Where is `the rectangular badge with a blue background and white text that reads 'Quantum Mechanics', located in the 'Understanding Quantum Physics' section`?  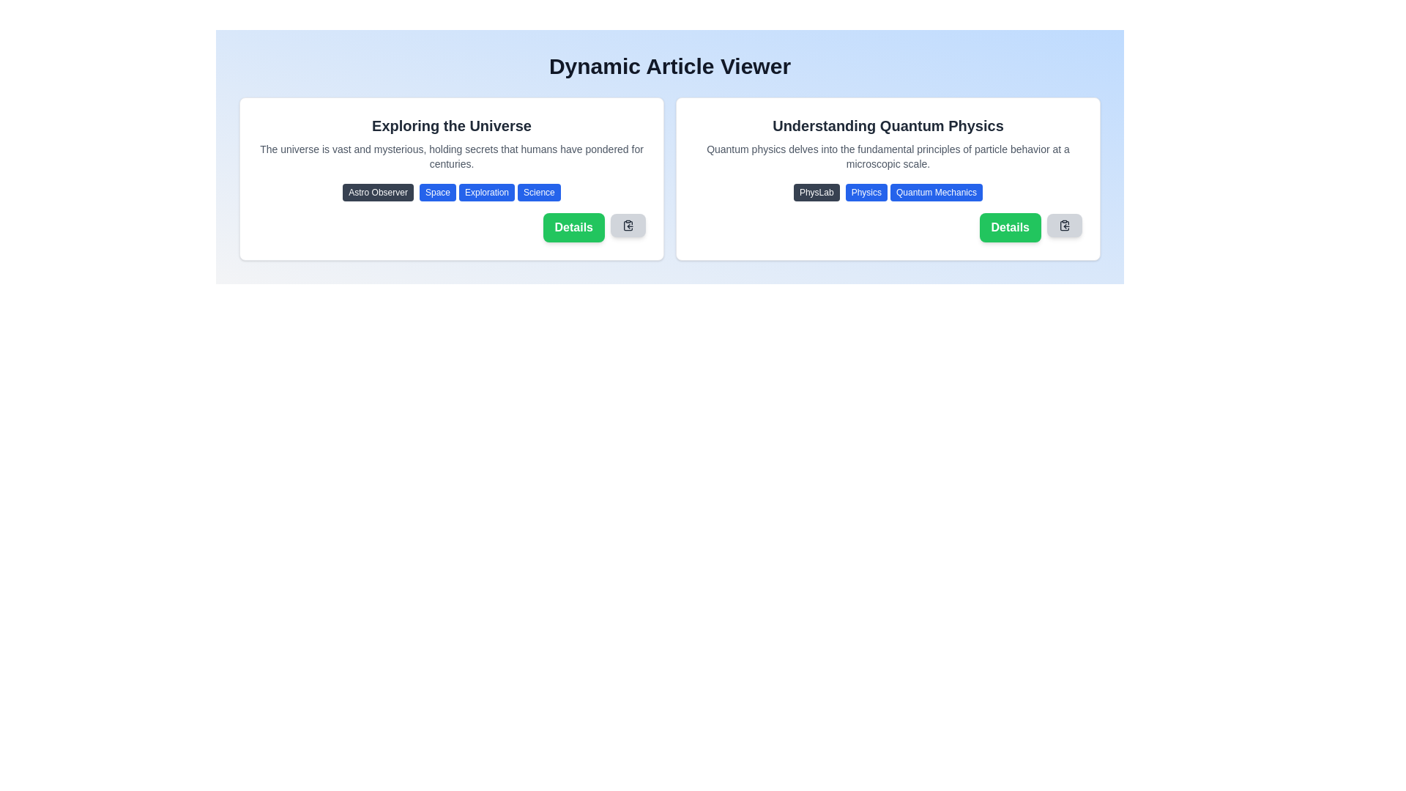
the rectangular badge with a blue background and white text that reads 'Quantum Mechanics', located in the 'Understanding Quantum Physics' section is located at coordinates (936, 191).